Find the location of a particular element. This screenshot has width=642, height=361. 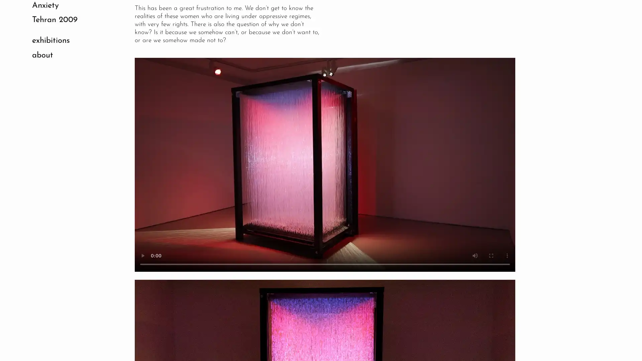

enter full screen is located at coordinates (491, 255).